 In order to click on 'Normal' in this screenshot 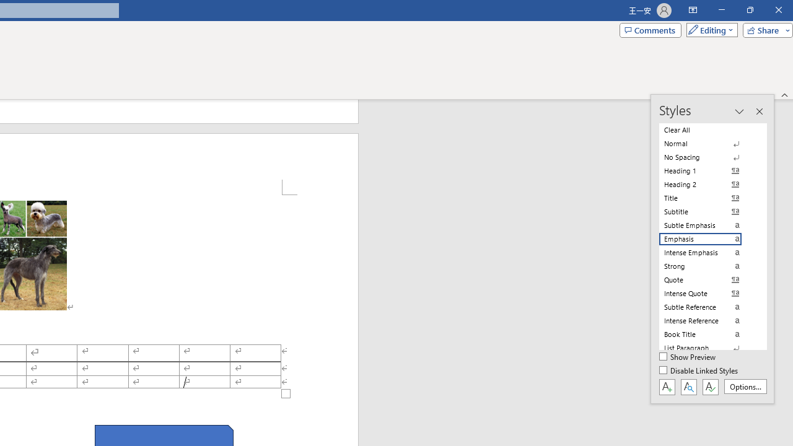, I will do `click(708, 143)`.